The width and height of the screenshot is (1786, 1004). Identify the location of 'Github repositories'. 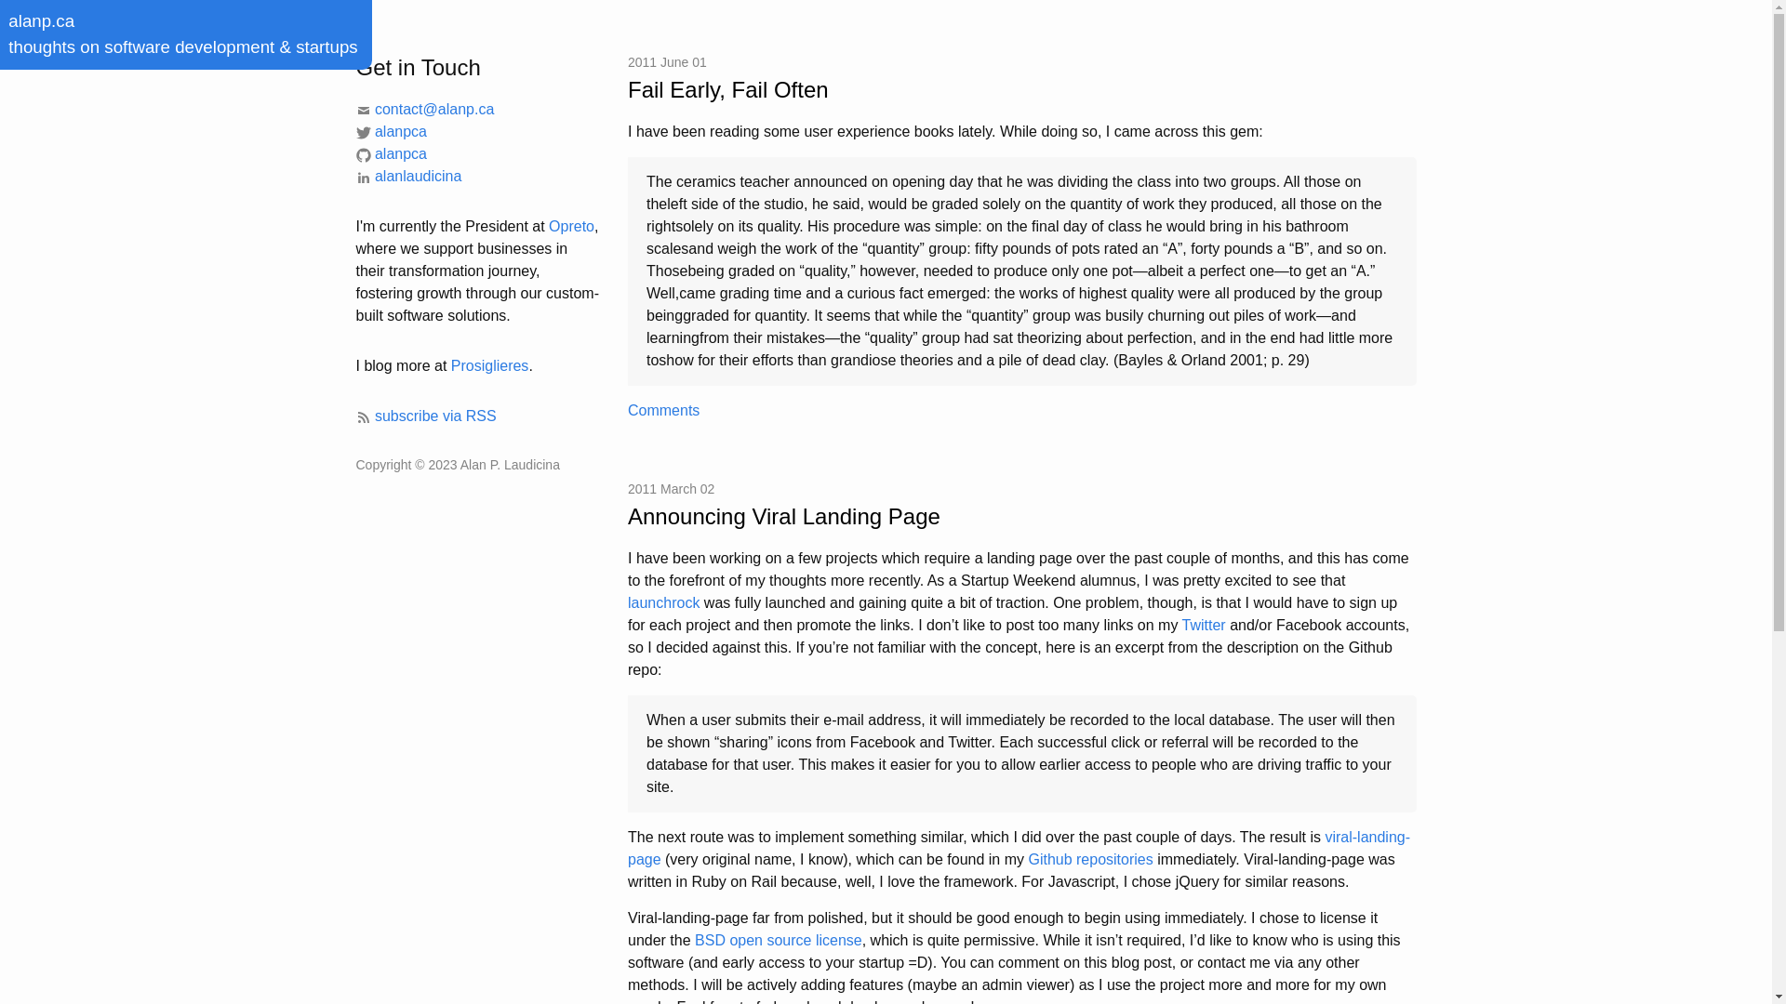
(1026, 859).